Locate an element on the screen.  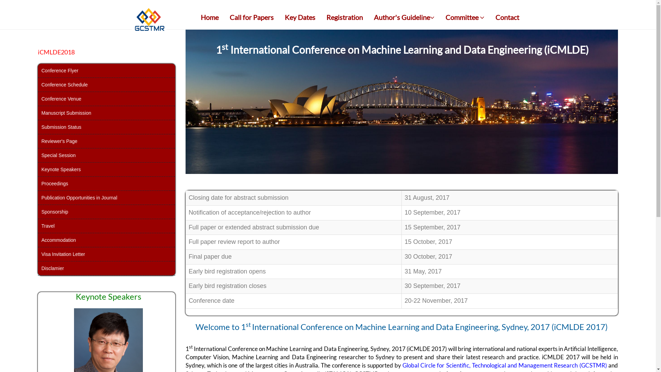
'Contact' is located at coordinates (490, 17).